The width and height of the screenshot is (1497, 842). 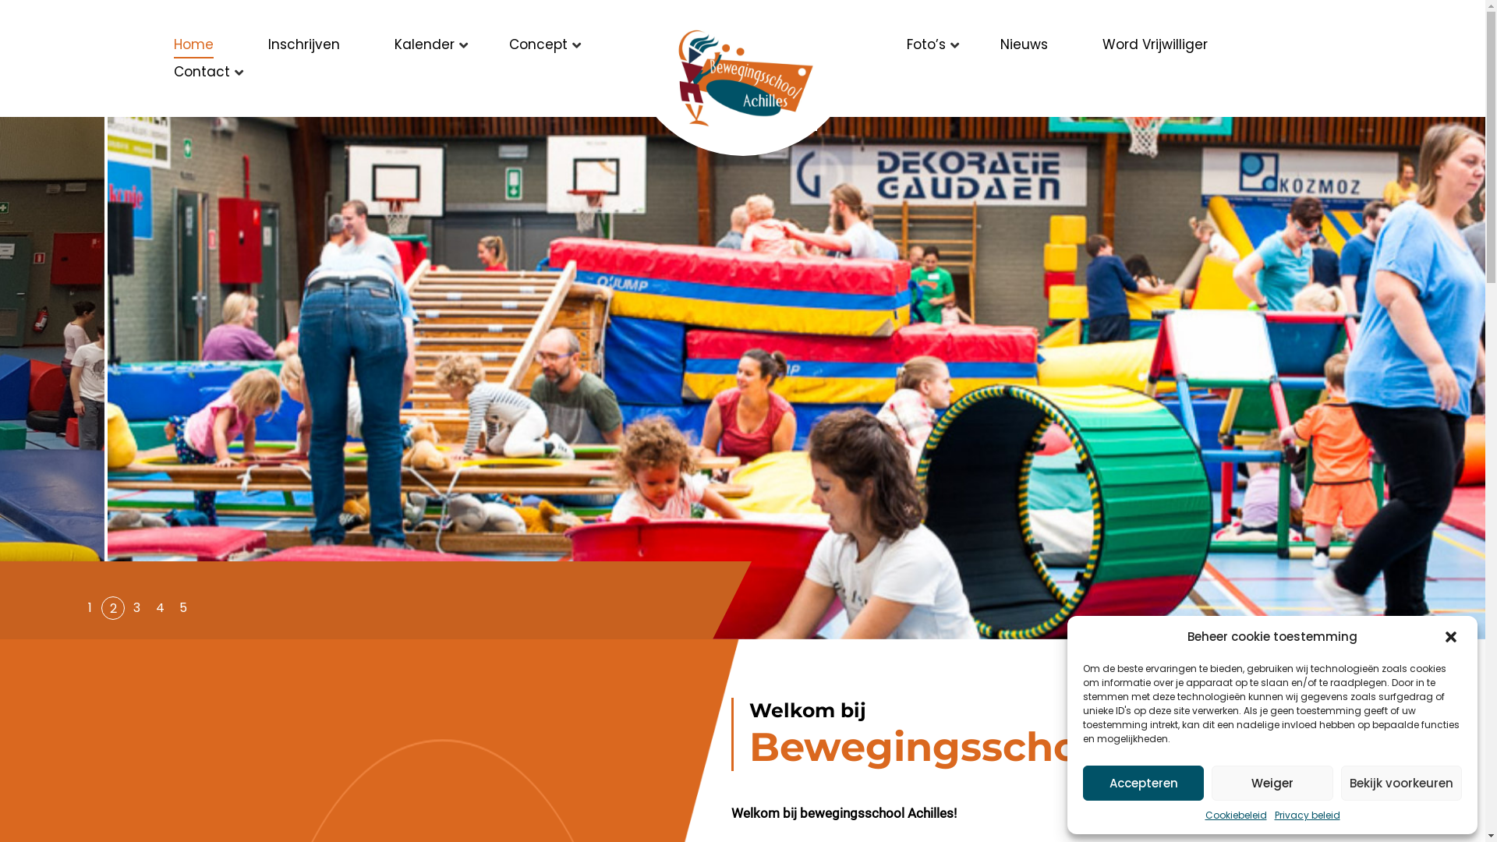 I want to click on 'Cookiebeleid', so click(x=1235, y=814).